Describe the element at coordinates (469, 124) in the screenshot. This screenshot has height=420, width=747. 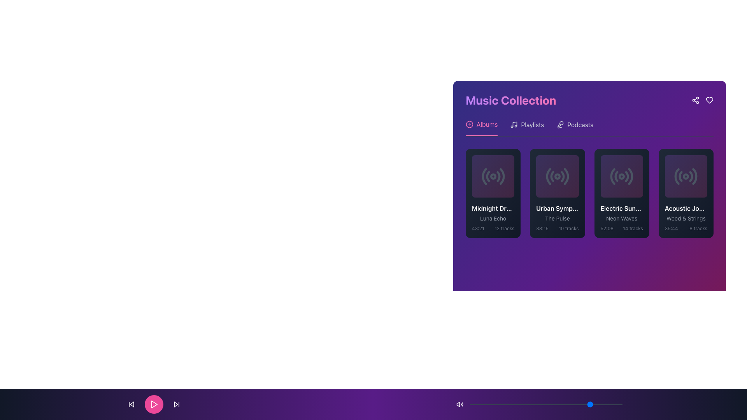
I see `the 'Albums' icon located in the navigation bar below the 'Music Collection' title` at that location.